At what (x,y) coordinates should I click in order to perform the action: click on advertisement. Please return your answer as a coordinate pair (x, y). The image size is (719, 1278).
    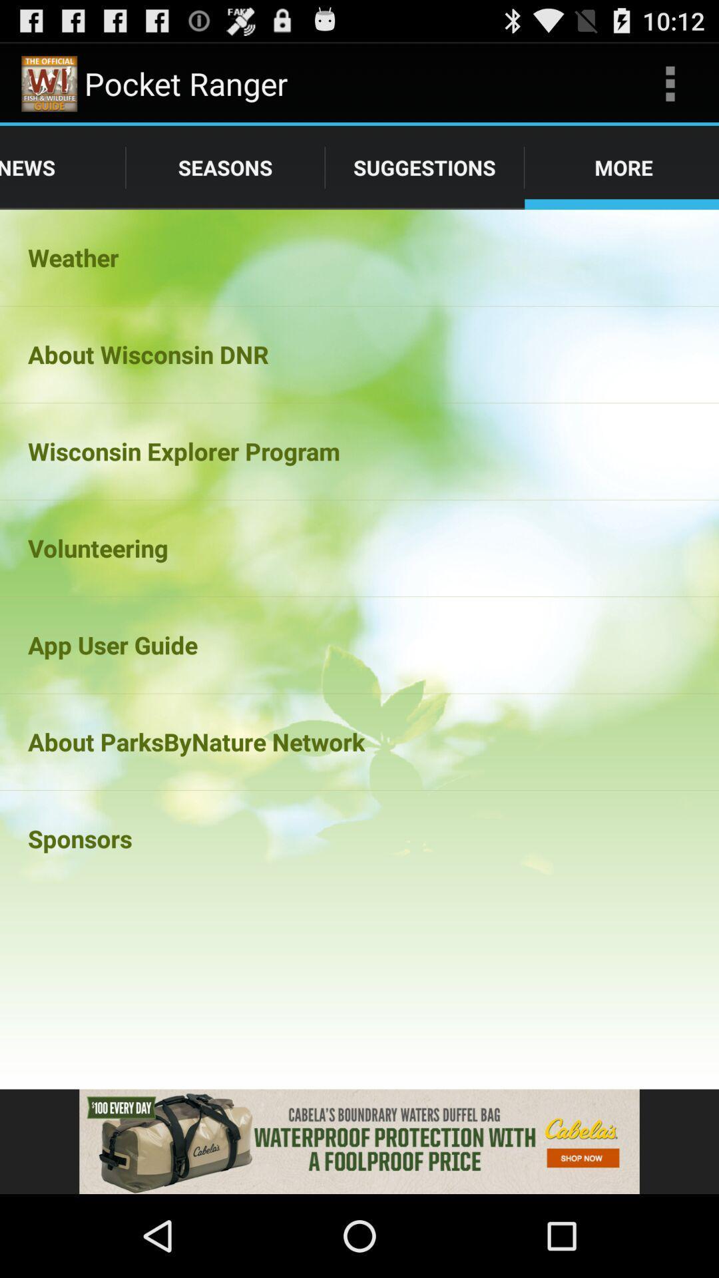
    Looking at the image, I should click on (359, 1141).